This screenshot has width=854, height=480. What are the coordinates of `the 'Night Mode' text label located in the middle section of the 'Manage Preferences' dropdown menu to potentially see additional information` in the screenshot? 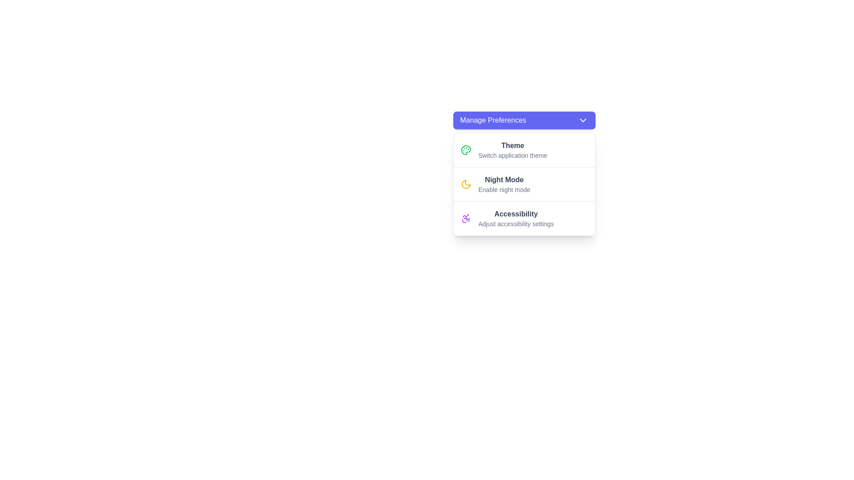 It's located at (504, 184).